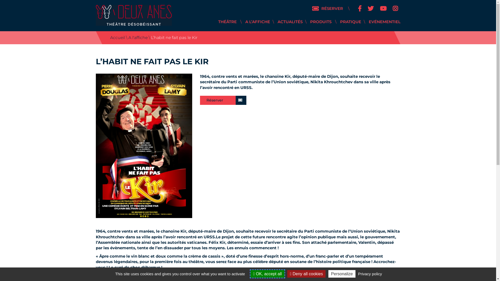  Describe the element at coordinates (137, 37) in the screenshot. I see `'A l'affiche'` at that location.